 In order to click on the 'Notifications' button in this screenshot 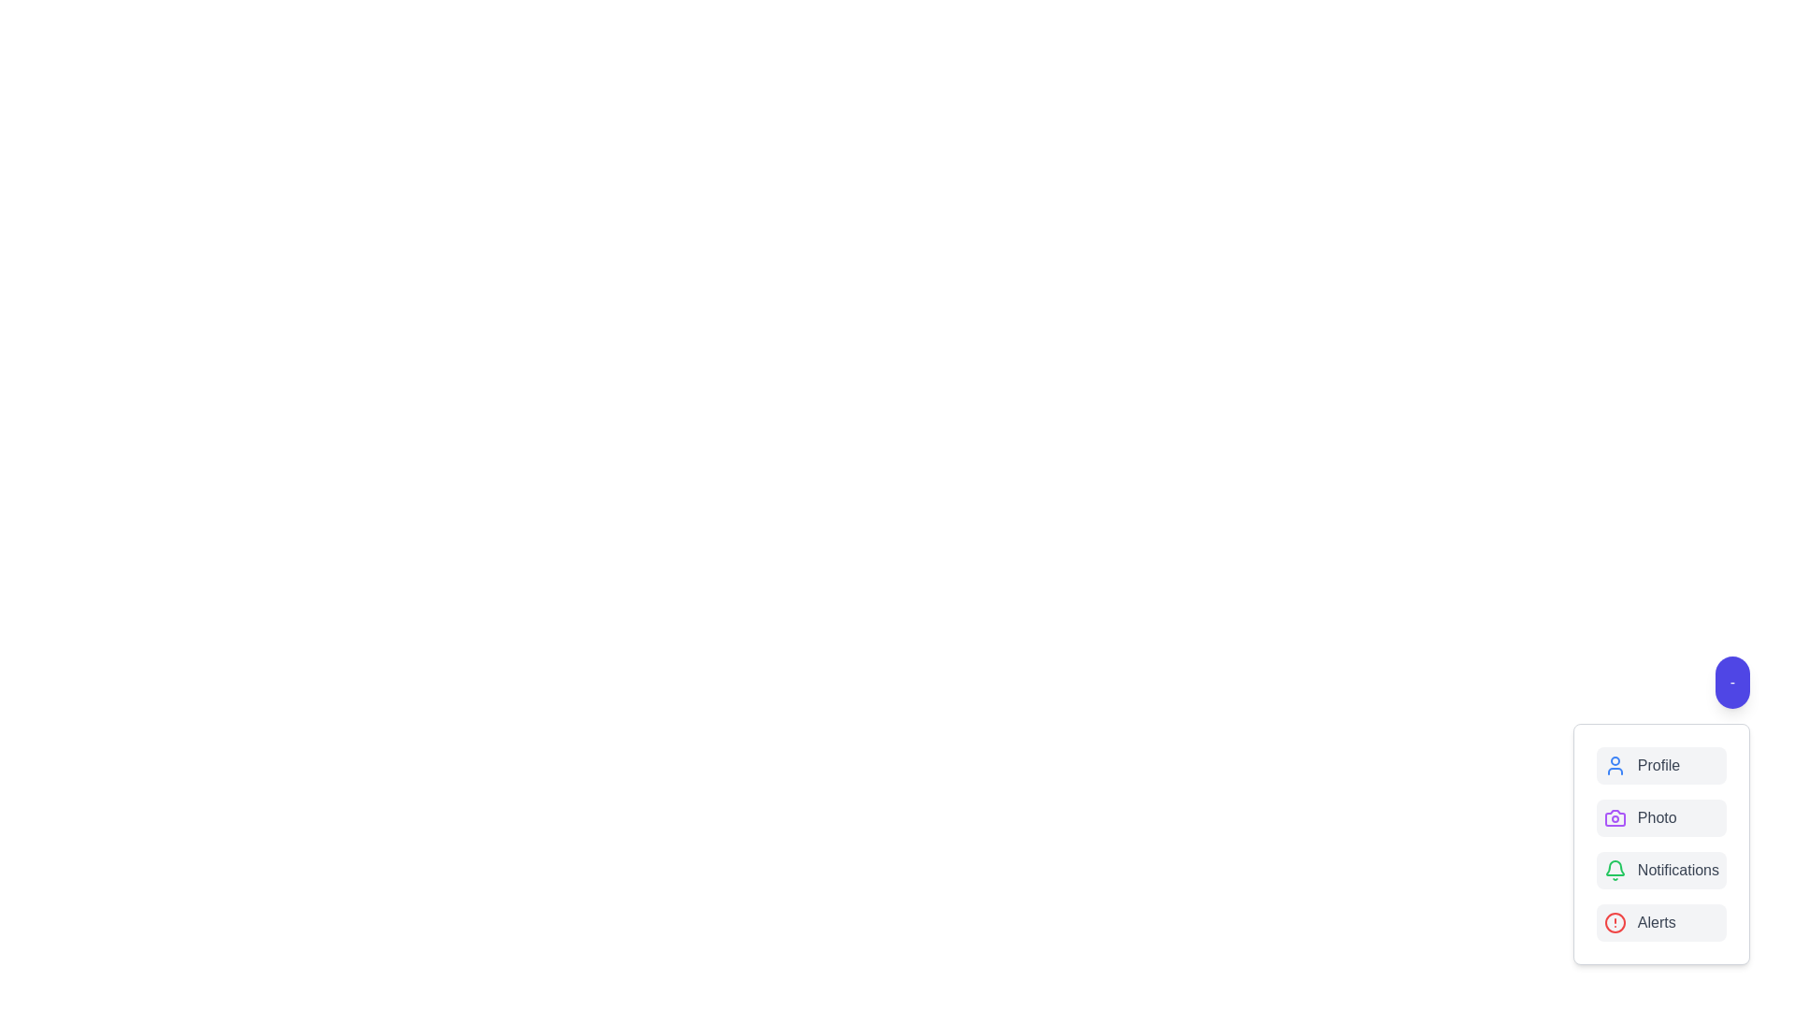, I will do `click(1661, 870)`.